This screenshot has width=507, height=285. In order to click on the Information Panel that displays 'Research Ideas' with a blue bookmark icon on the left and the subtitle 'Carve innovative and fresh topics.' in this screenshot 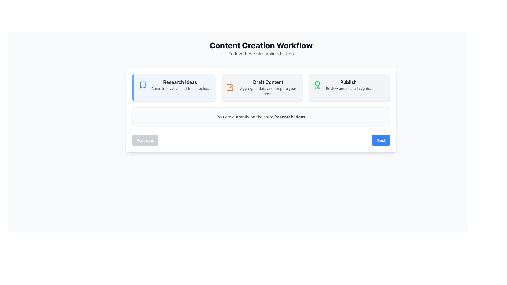, I will do `click(175, 84)`.